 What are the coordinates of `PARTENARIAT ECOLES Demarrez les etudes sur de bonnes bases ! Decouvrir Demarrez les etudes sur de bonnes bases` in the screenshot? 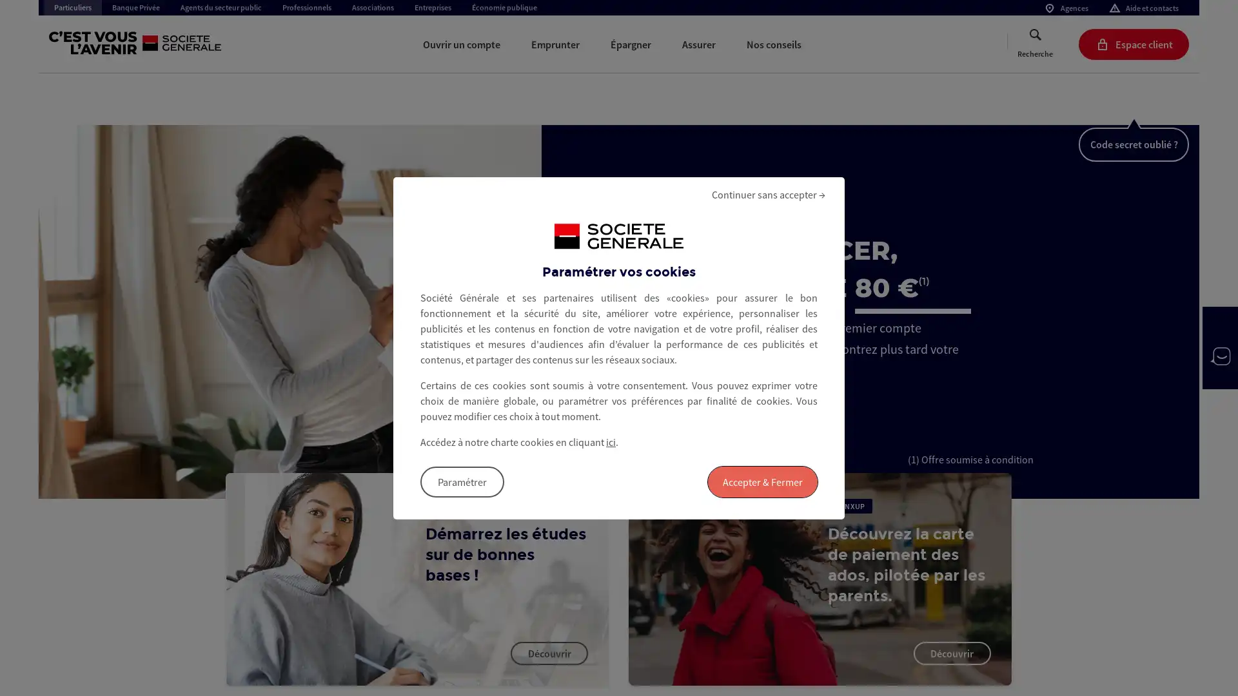 It's located at (417, 578).